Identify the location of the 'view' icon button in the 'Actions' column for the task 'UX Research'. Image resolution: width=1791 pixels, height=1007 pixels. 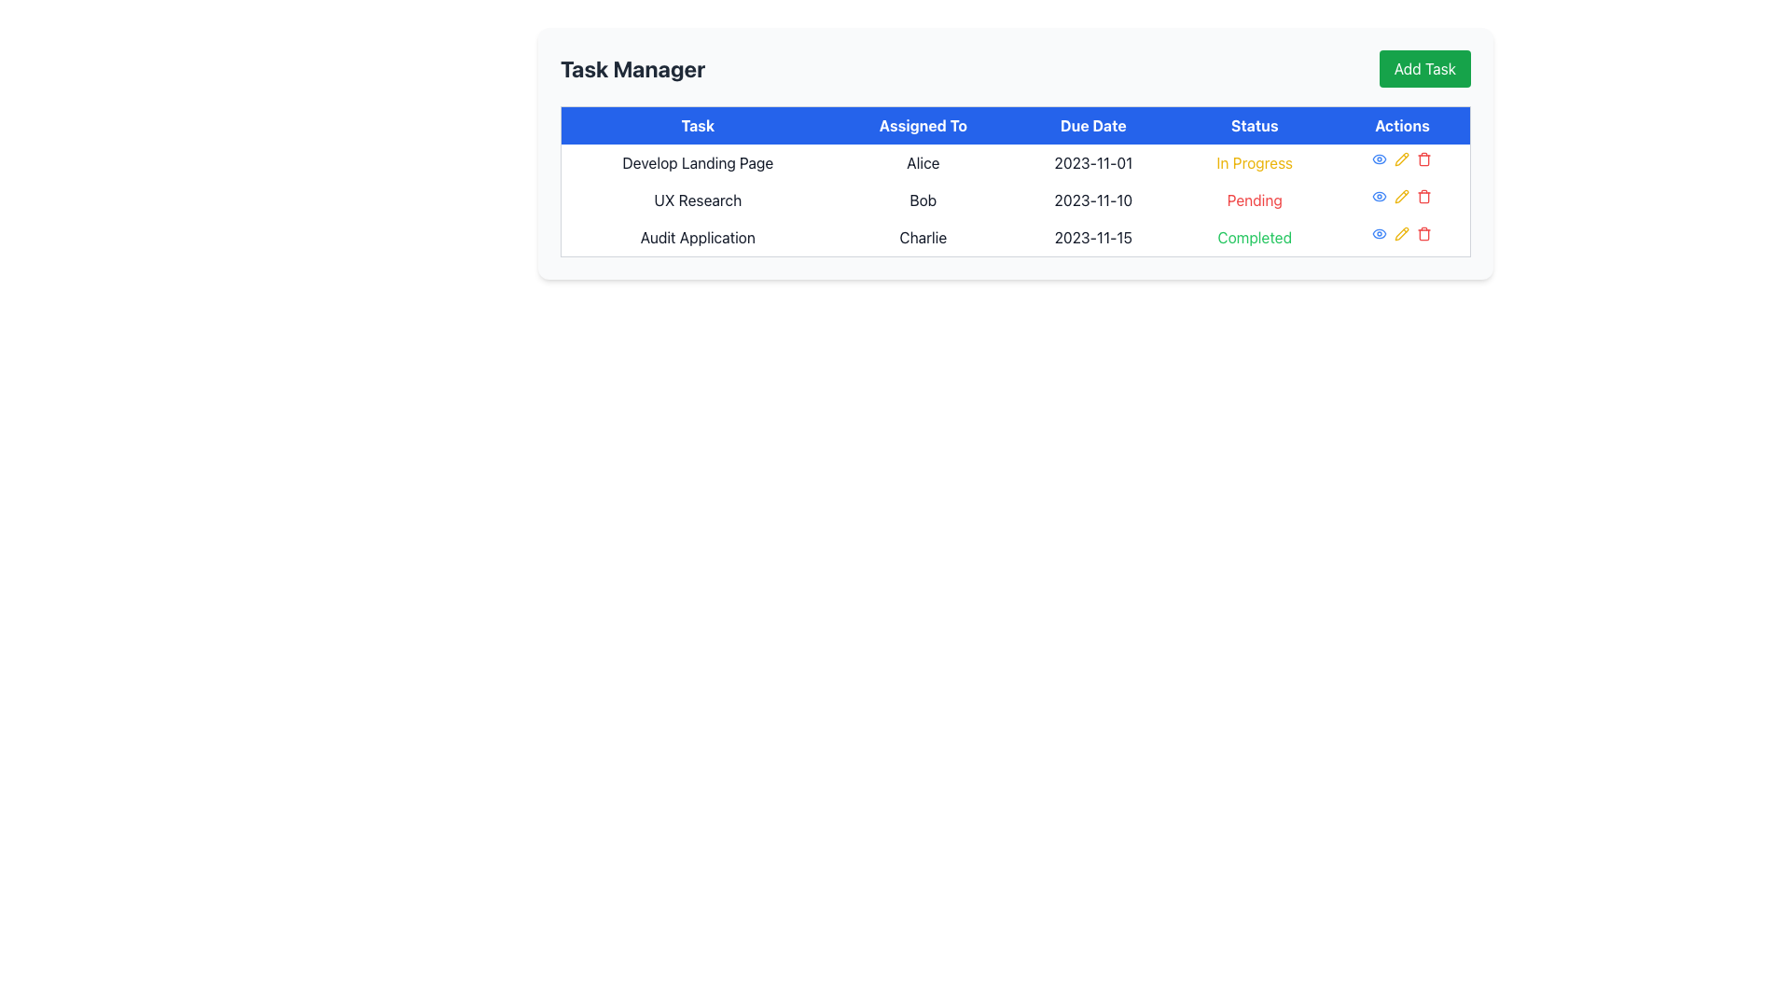
(1380, 197).